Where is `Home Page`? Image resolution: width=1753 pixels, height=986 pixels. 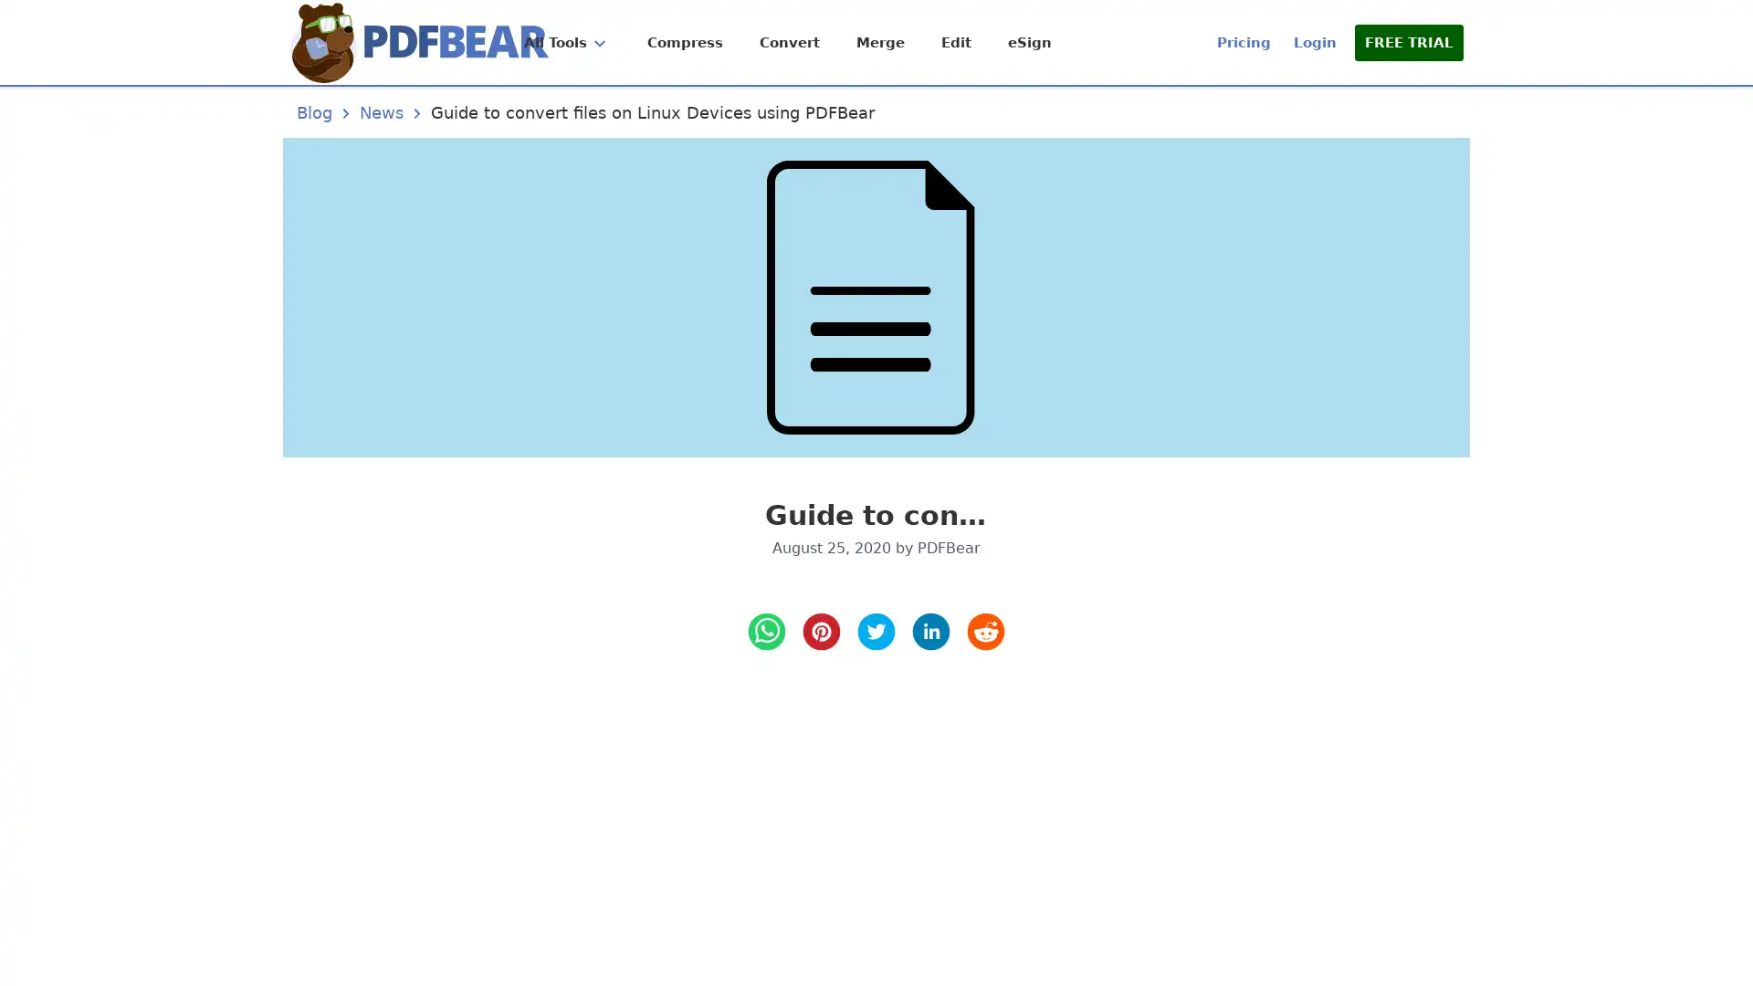 Home Page is located at coordinates (418, 41).